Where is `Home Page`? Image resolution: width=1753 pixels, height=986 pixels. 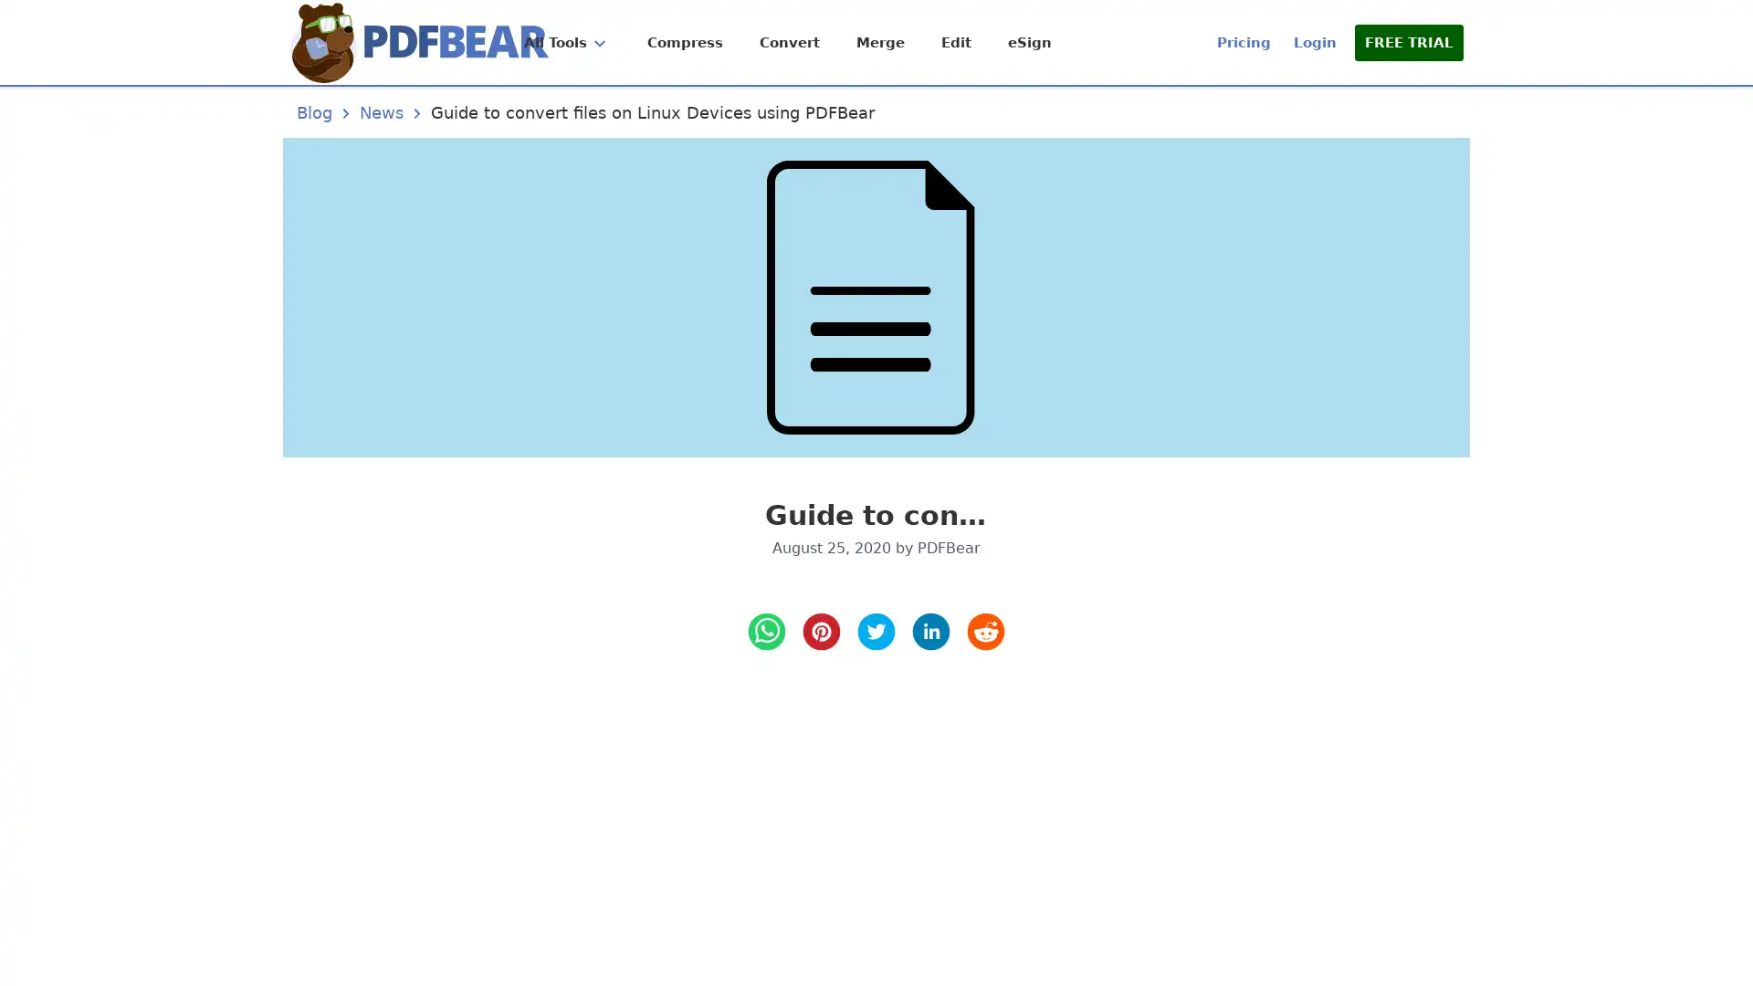 Home Page is located at coordinates (418, 41).